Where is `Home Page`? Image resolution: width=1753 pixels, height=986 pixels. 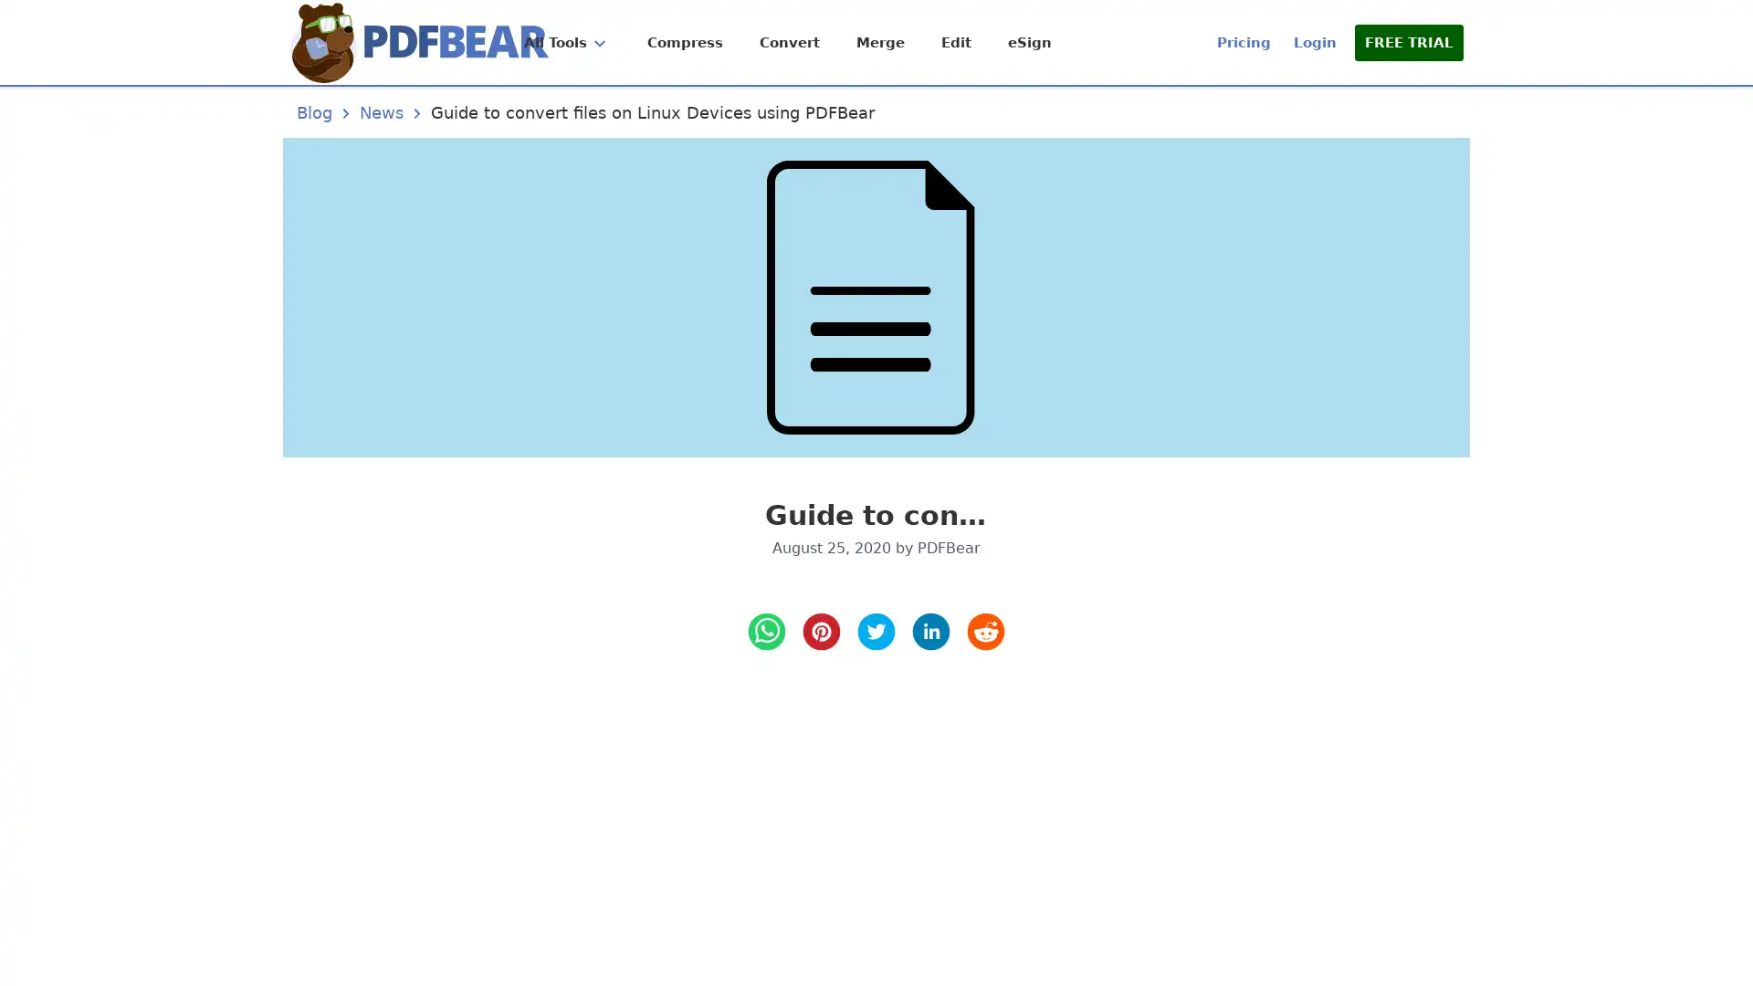 Home Page is located at coordinates (418, 41).